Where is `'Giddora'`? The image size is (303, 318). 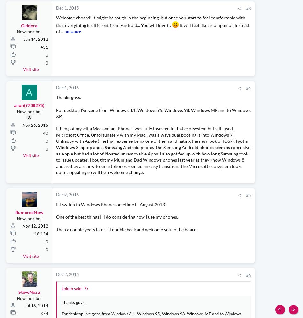
'Giddora' is located at coordinates (29, 50).